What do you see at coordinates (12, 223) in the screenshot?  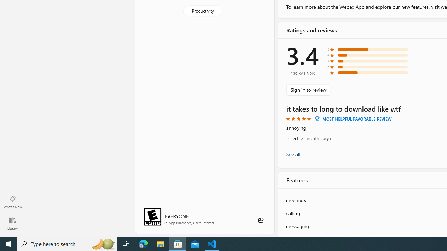 I see `'Library'` at bounding box center [12, 223].